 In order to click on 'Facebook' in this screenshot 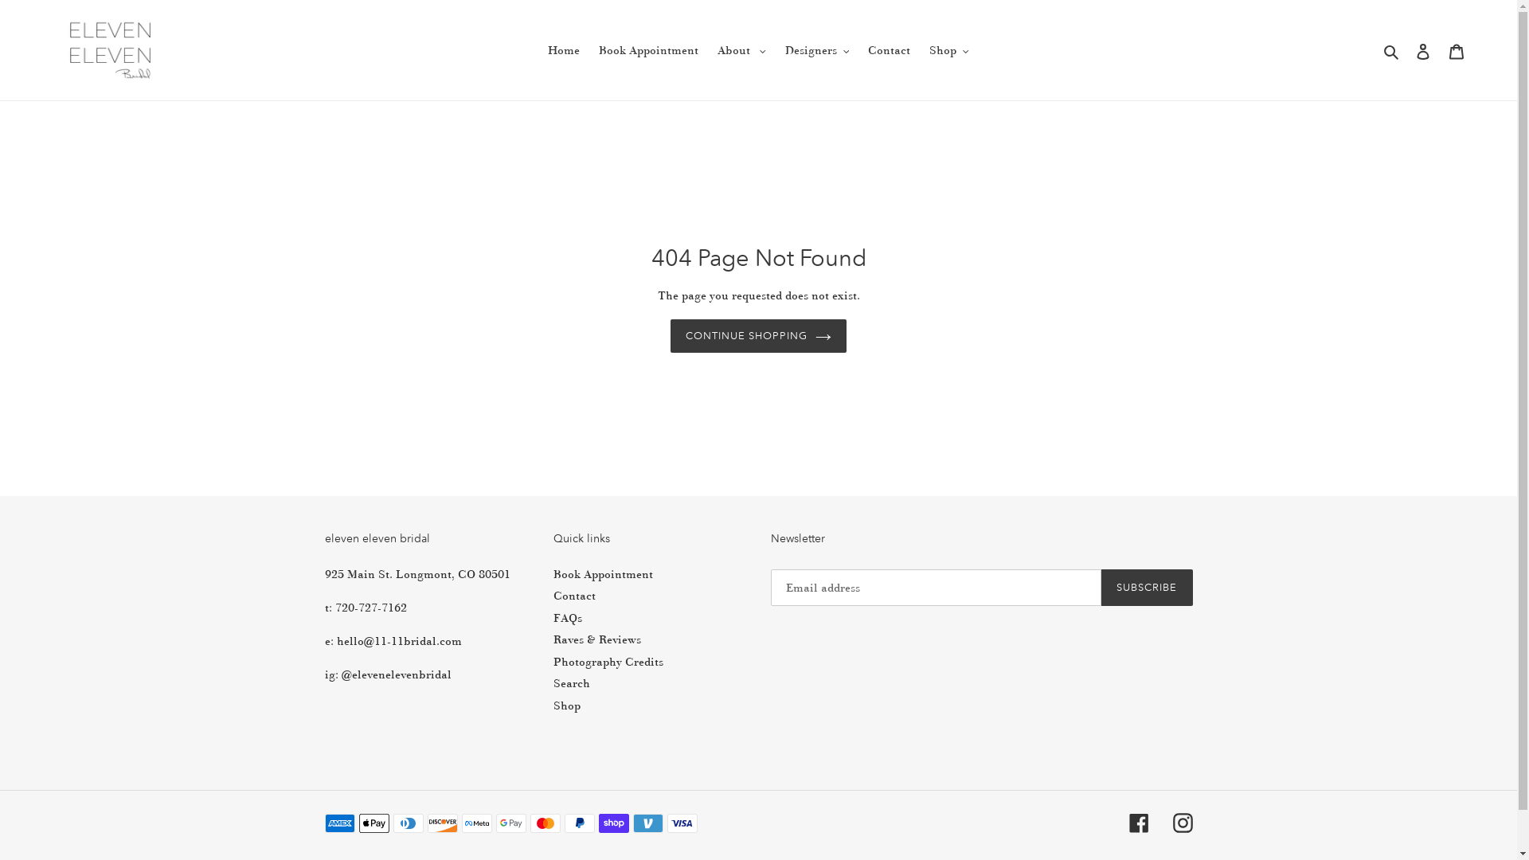, I will do `click(1138, 823)`.